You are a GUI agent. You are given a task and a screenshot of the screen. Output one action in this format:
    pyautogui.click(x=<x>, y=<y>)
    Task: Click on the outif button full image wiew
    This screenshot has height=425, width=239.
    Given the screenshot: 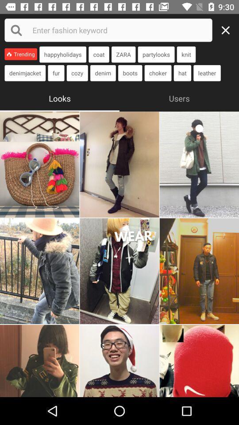 What is the action you would take?
    pyautogui.click(x=119, y=164)
    